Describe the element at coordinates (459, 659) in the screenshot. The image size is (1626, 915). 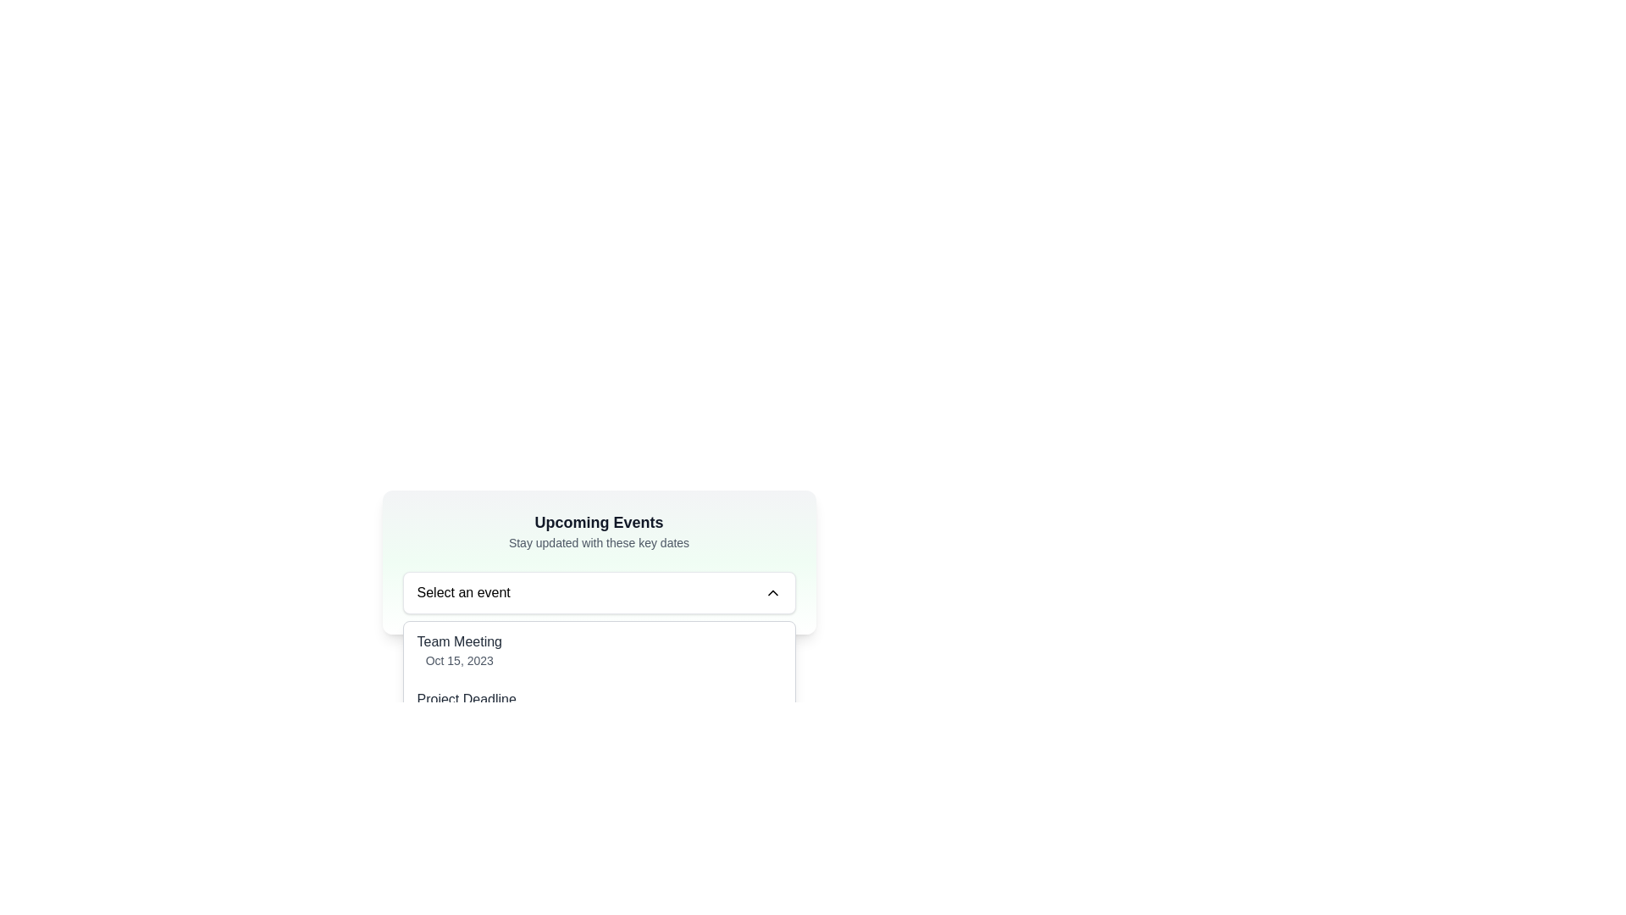
I see `the text label displaying the date 'Oct 15, 2023' for the event 'Team Meeting'` at that location.